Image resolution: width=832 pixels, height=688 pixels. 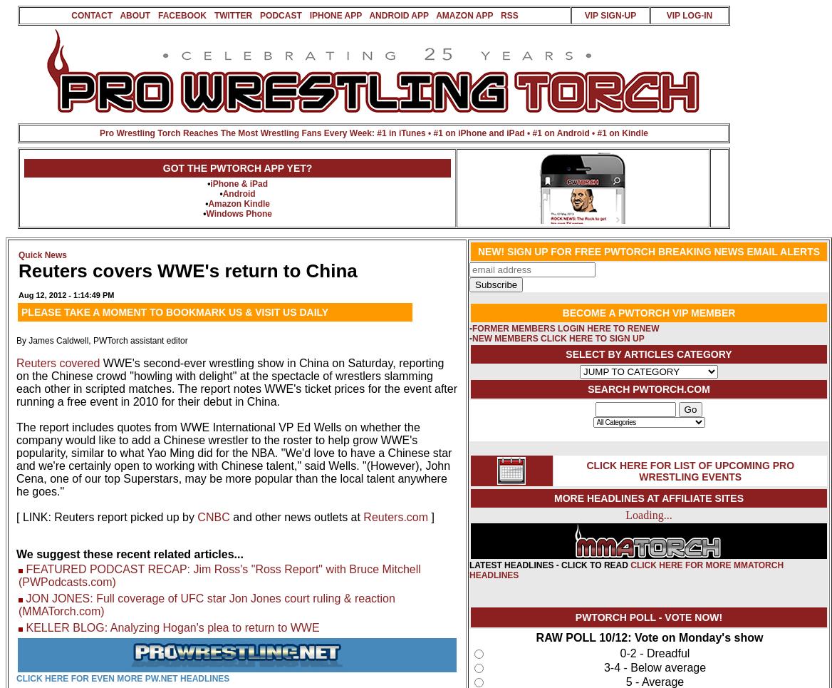 What do you see at coordinates (654, 652) in the screenshot?
I see `'0-2 - Dreadful'` at bounding box center [654, 652].